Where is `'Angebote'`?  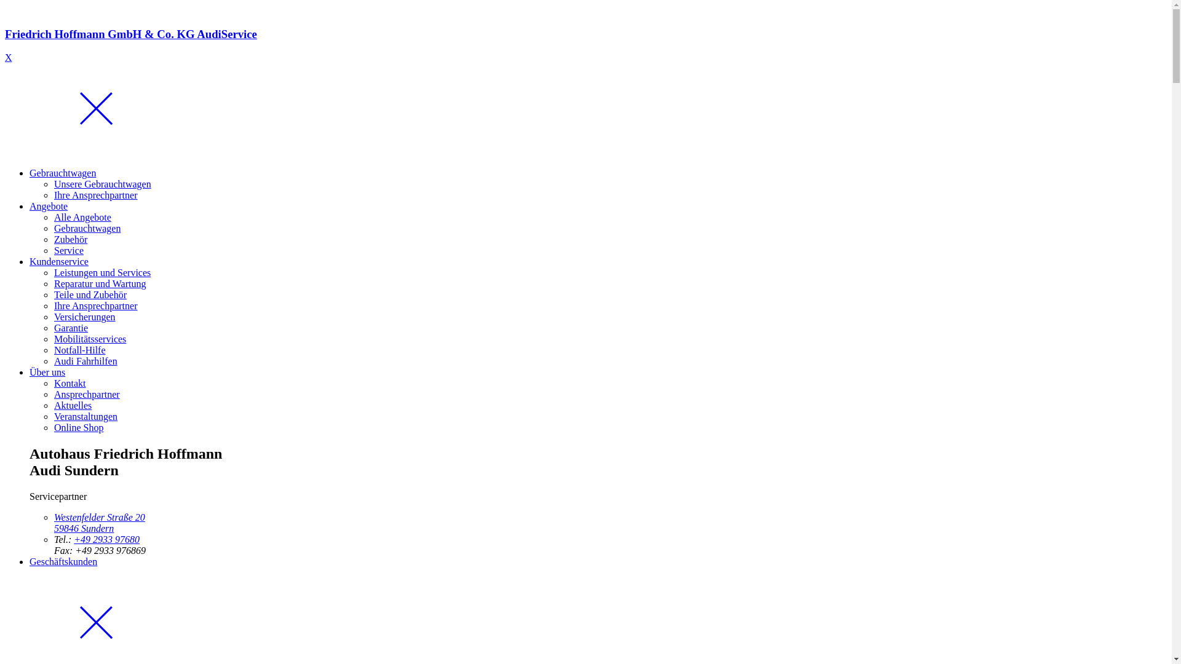
'Angebote' is located at coordinates (48, 205).